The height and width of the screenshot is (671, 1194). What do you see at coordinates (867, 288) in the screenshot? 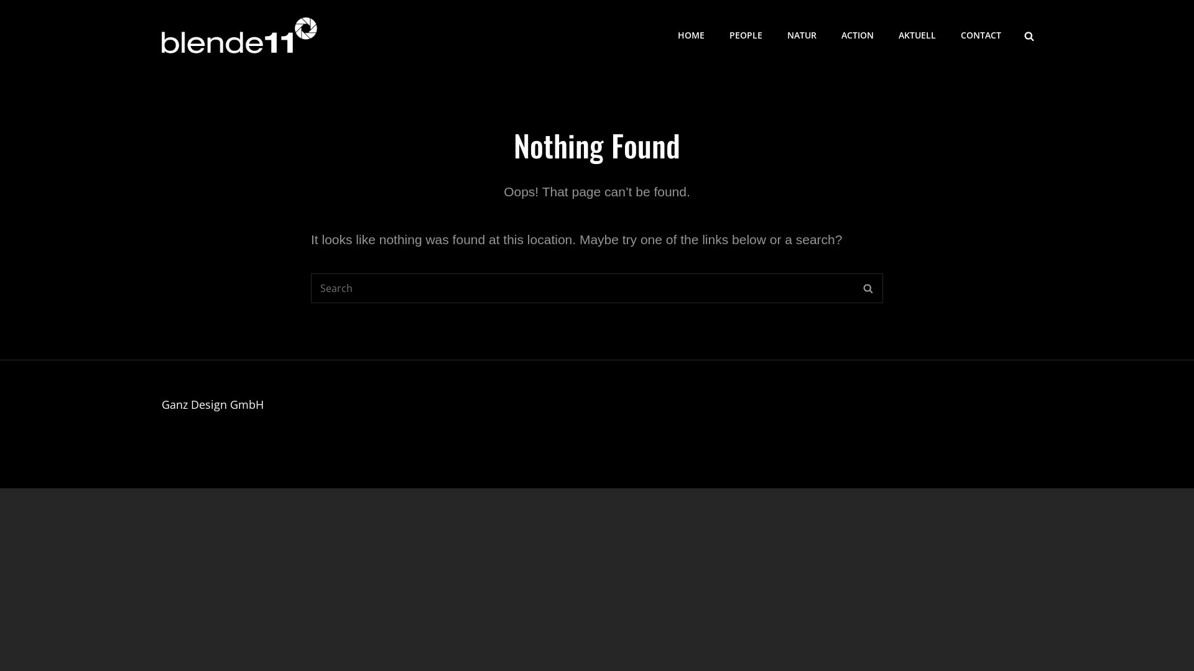
I see `'SEARCH'` at bounding box center [867, 288].